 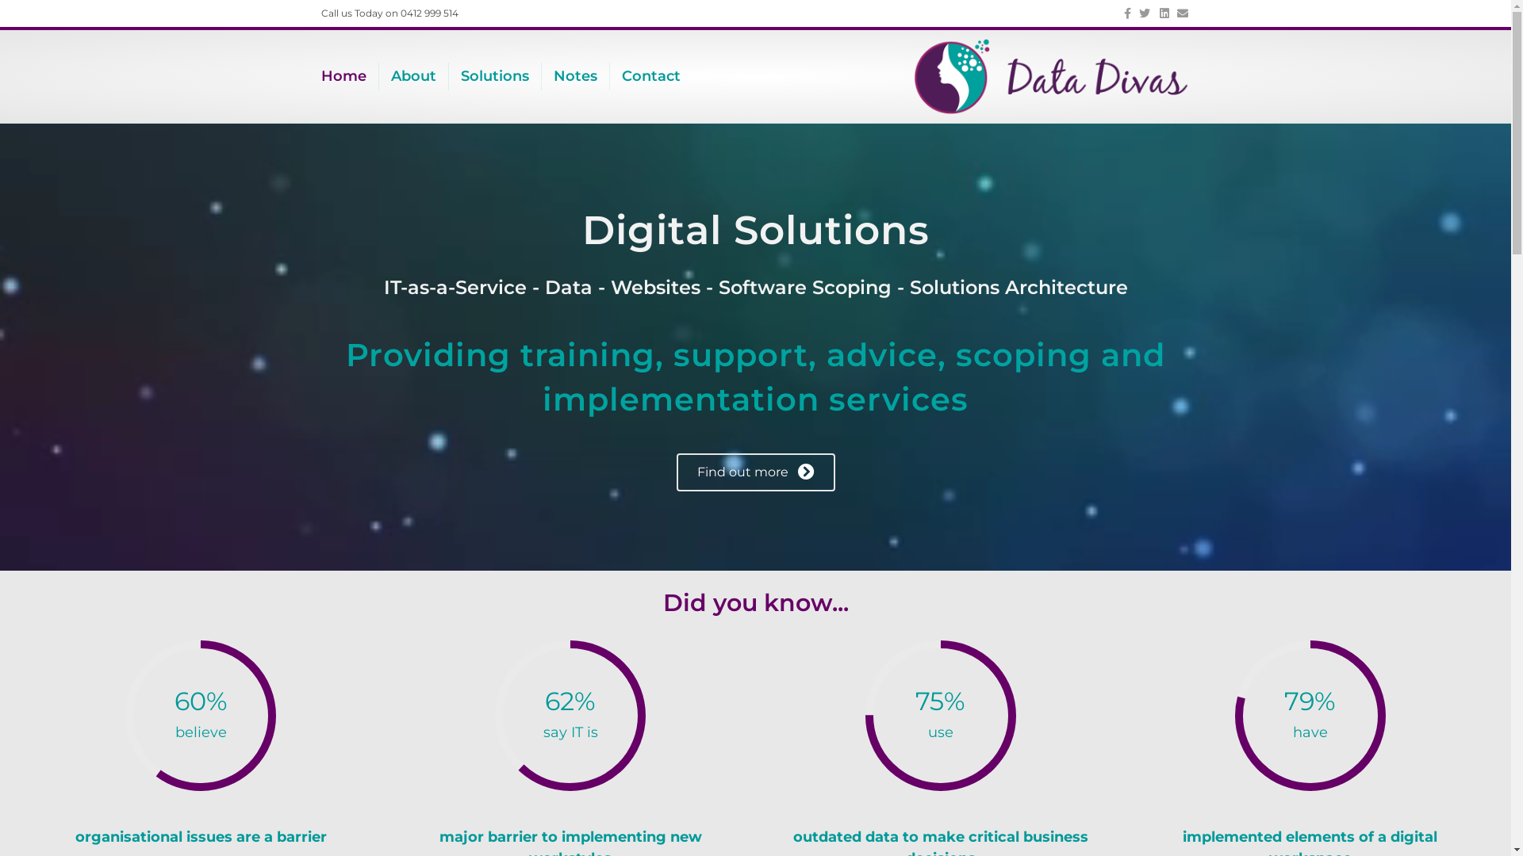 What do you see at coordinates (349, 76) in the screenshot?
I see `'Home'` at bounding box center [349, 76].